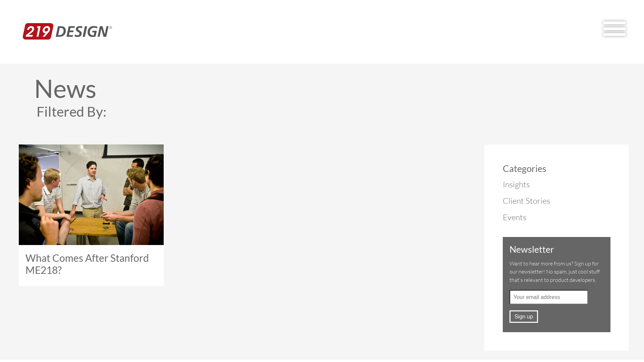  Describe the element at coordinates (516, 184) in the screenshot. I see `'Insights'` at that location.